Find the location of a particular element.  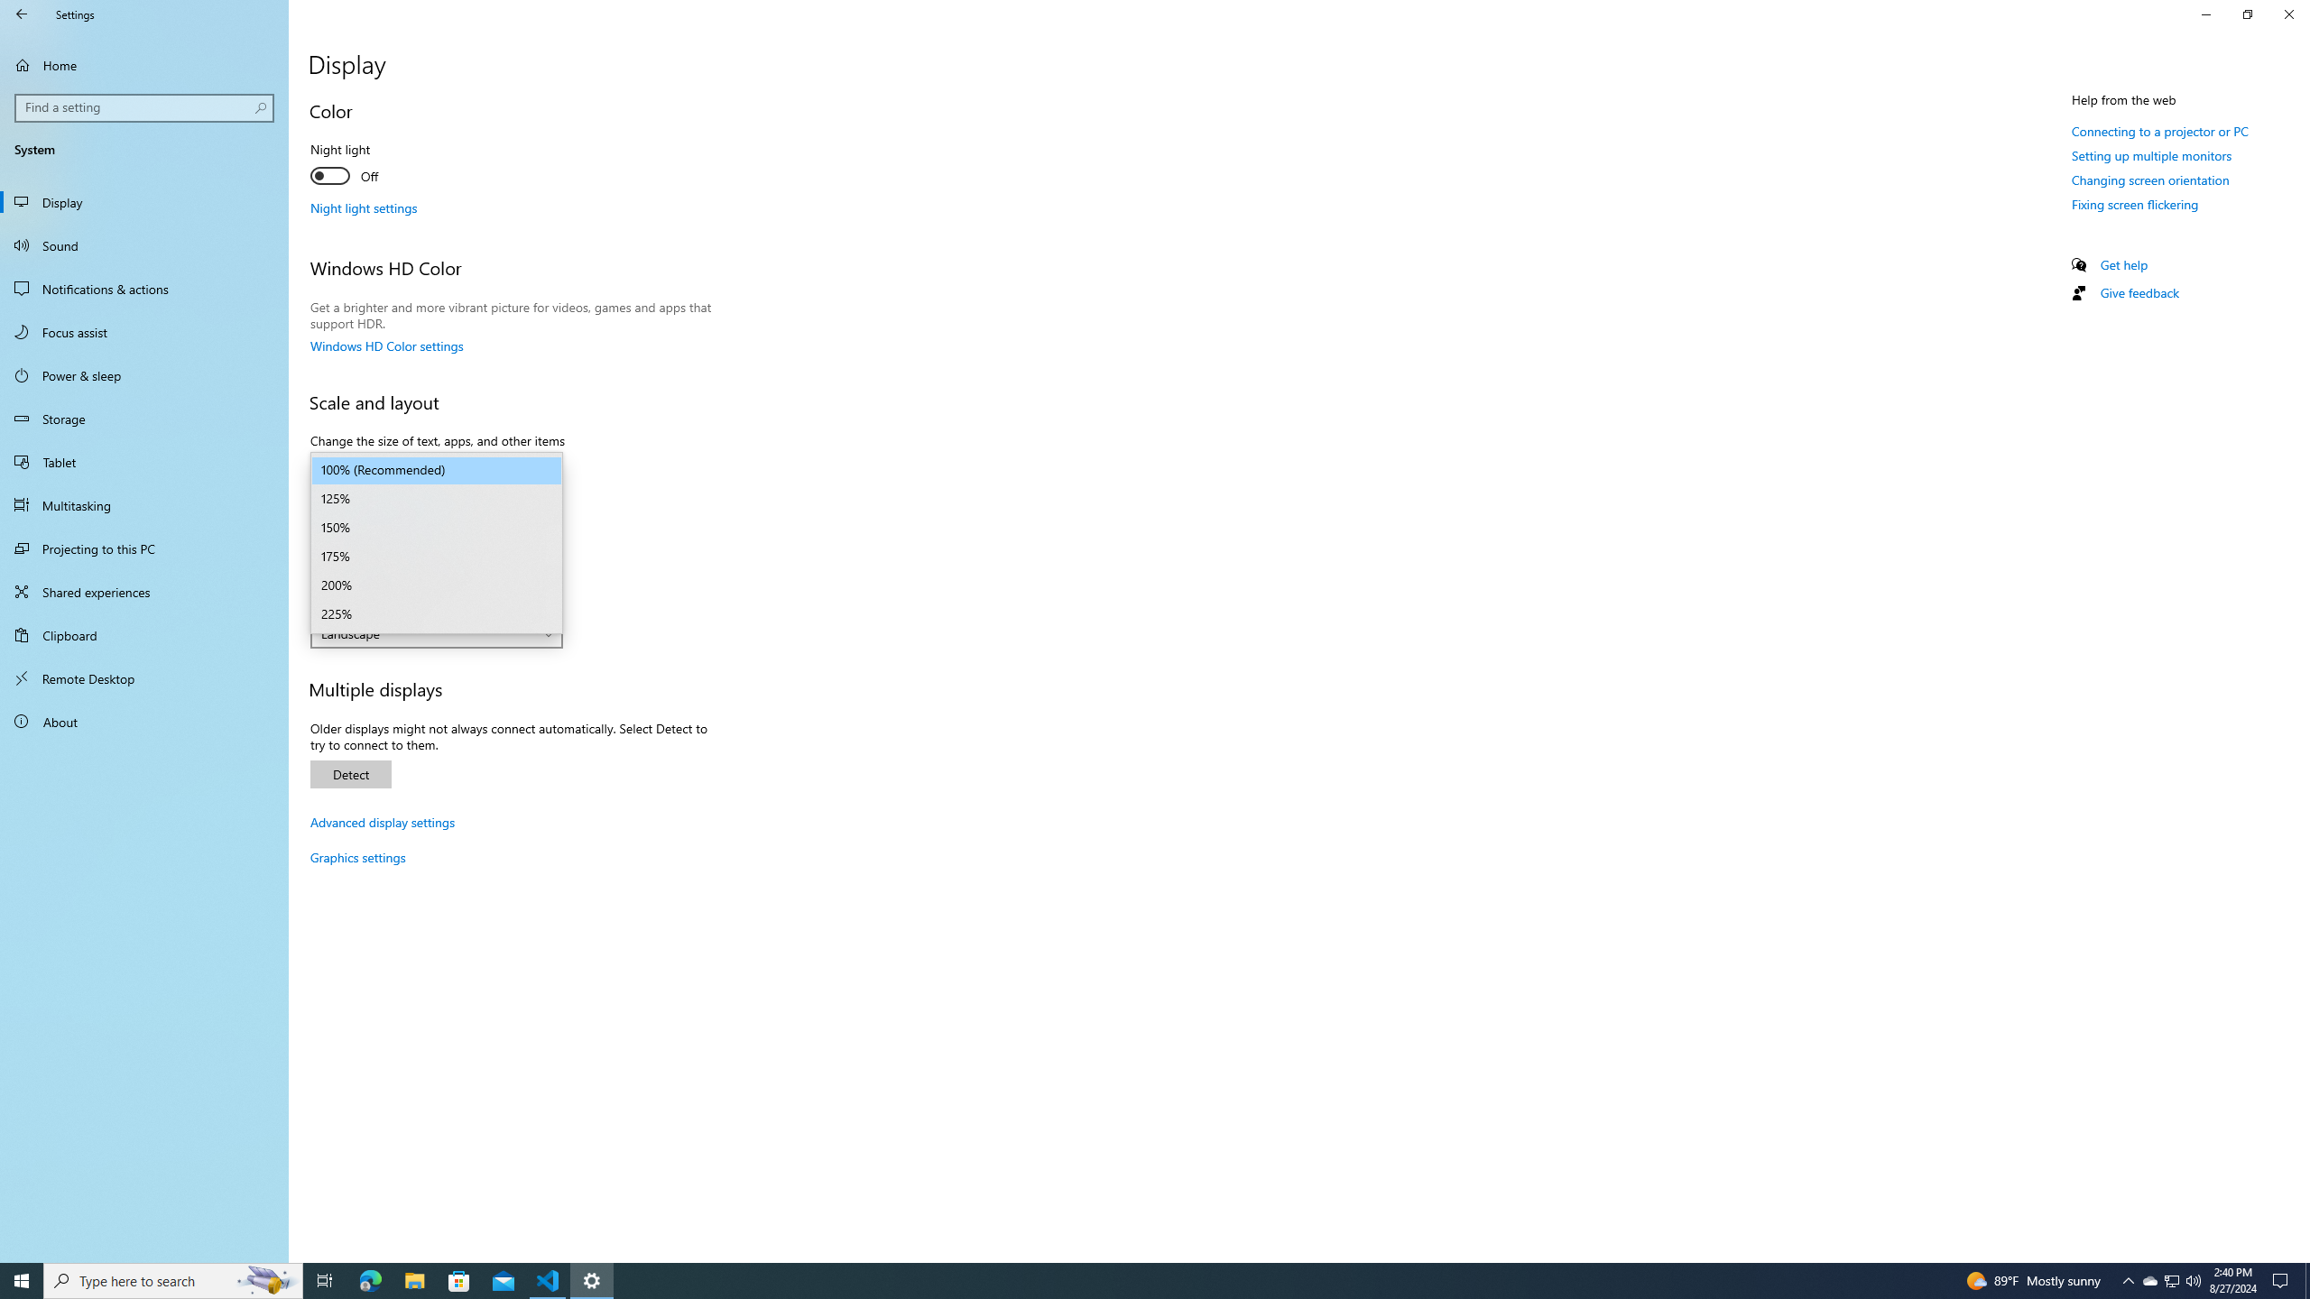

'Connecting to a projector or PC' is located at coordinates (2158, 131).